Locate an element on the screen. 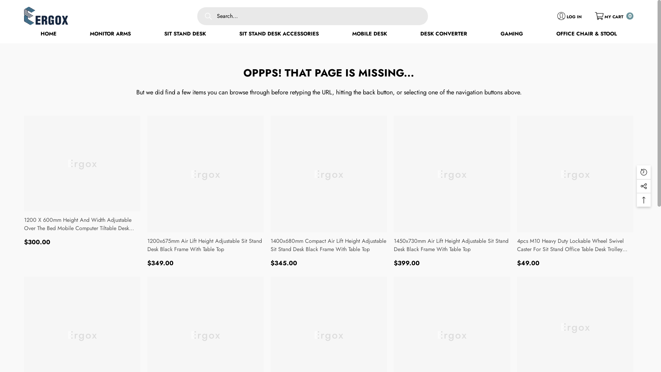  'SIT STAND DESK ACCESSORIES' is located at coordinates (279, 34).